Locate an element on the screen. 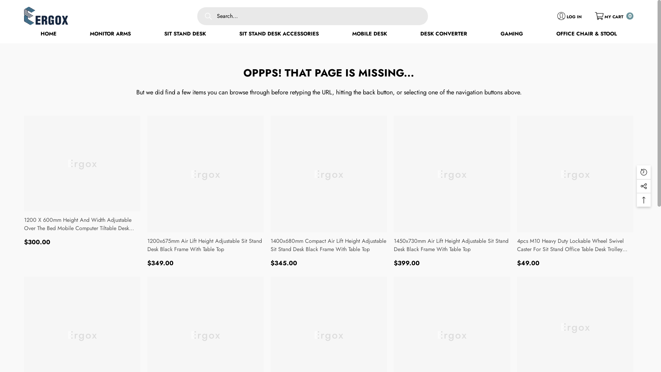  'SIT STAND DESK ACCESSORIES' is located at coordinates (279, 34).